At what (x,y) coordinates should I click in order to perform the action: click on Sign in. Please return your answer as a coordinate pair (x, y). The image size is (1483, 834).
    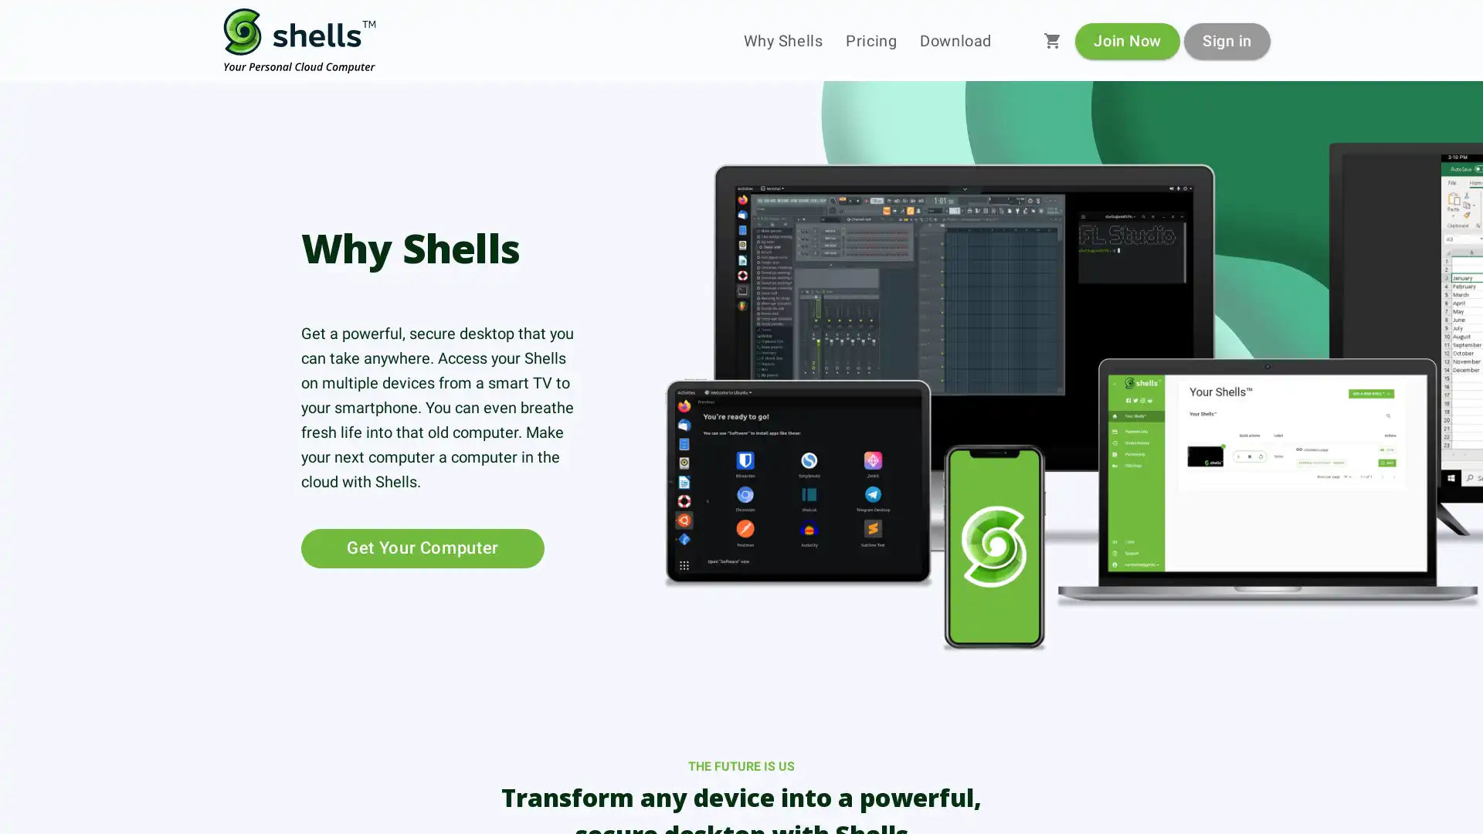
    Looking at the image, I should click on (1226, 39).